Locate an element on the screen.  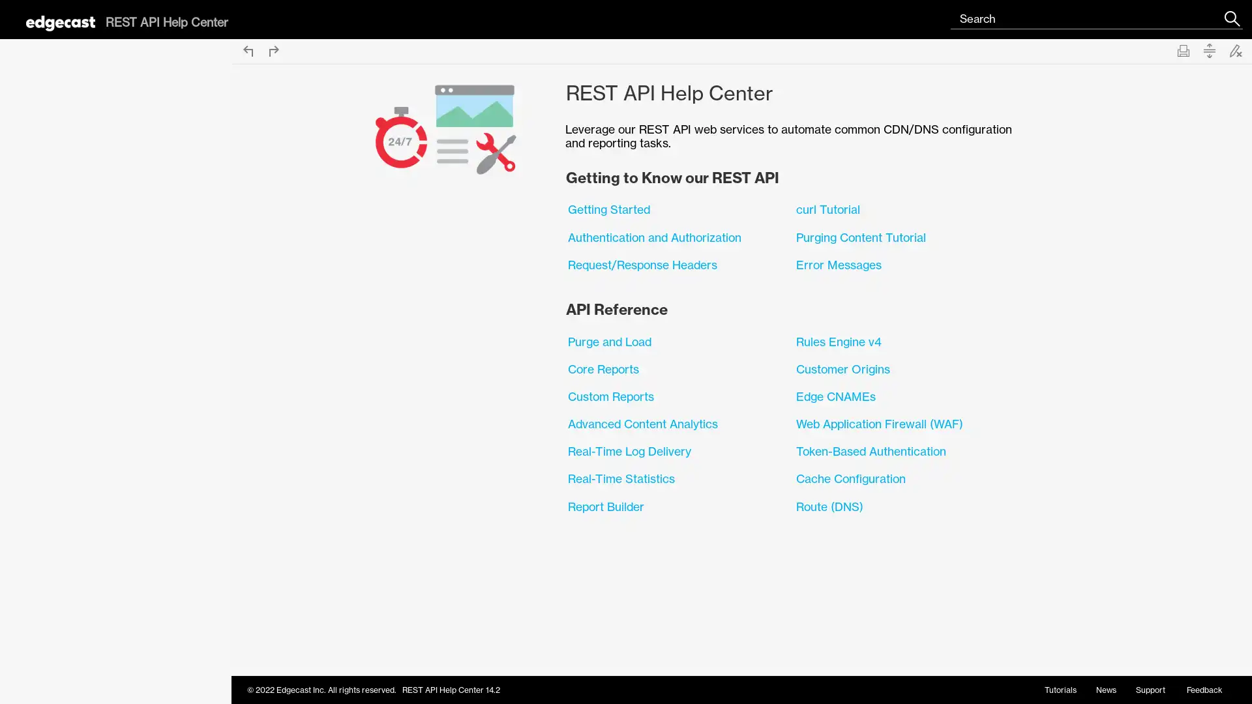
print is located at coordinates (1183, 50).